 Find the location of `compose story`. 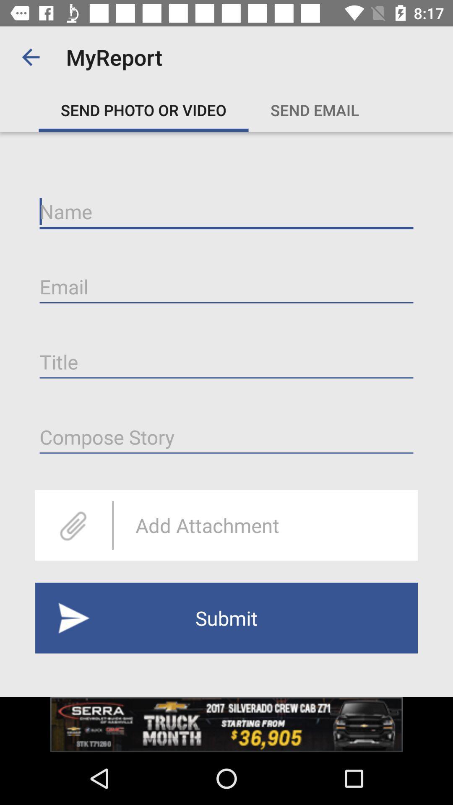

compose story is located at coordinates (226, 437).